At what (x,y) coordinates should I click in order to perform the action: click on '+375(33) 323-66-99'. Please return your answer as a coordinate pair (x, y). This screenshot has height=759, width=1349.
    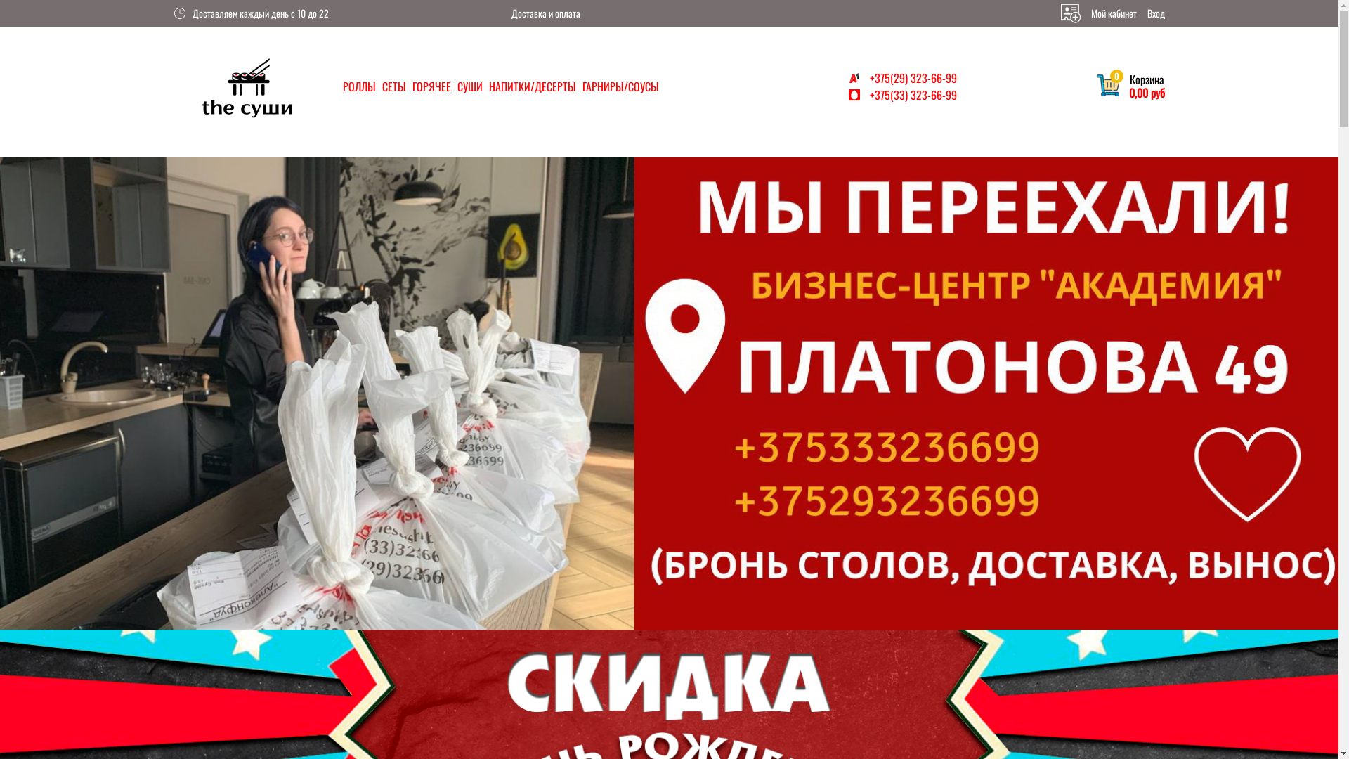
    Looking at the image, I should click on (848, 95).